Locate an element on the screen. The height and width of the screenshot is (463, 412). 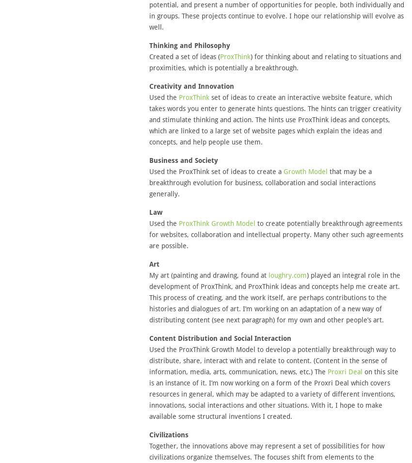
'Art' is located at coordinates (154, 264).